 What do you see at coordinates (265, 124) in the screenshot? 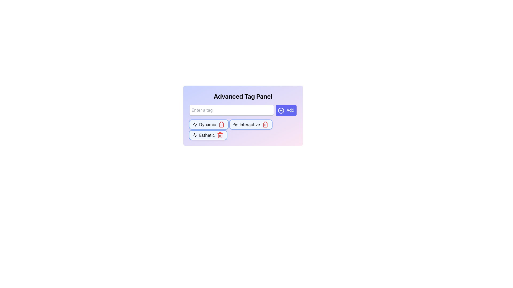
I see `the red trash bin icon button located on the far right side of the 'Interactive' tag entry` at bounding box center [265, 124].